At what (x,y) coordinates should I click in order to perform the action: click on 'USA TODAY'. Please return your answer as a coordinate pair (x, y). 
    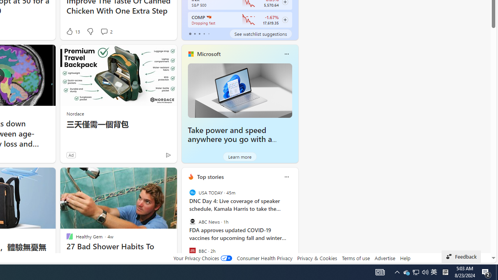
    Looking at the image, I should click on (192, 192).